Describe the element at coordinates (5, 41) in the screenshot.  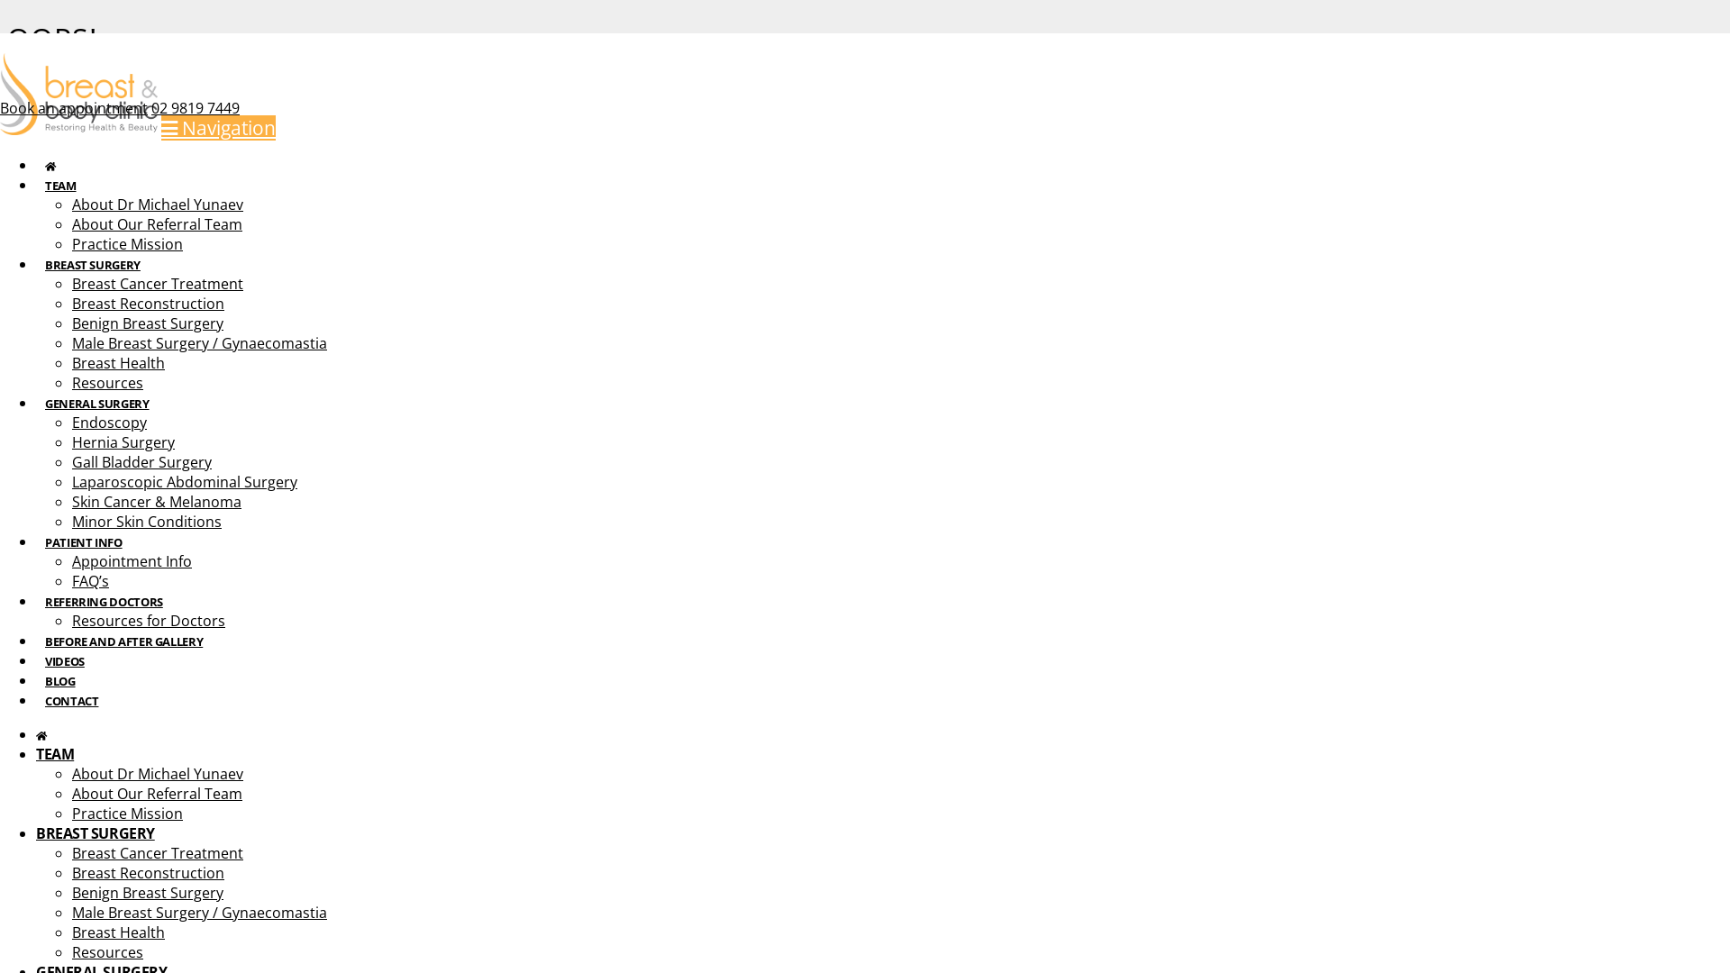
I see `'Facebook'` at that location.